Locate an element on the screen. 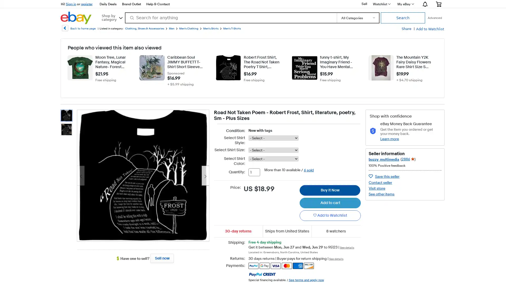  Sell now - Have one to sell? is located at coordinates (162, 258).